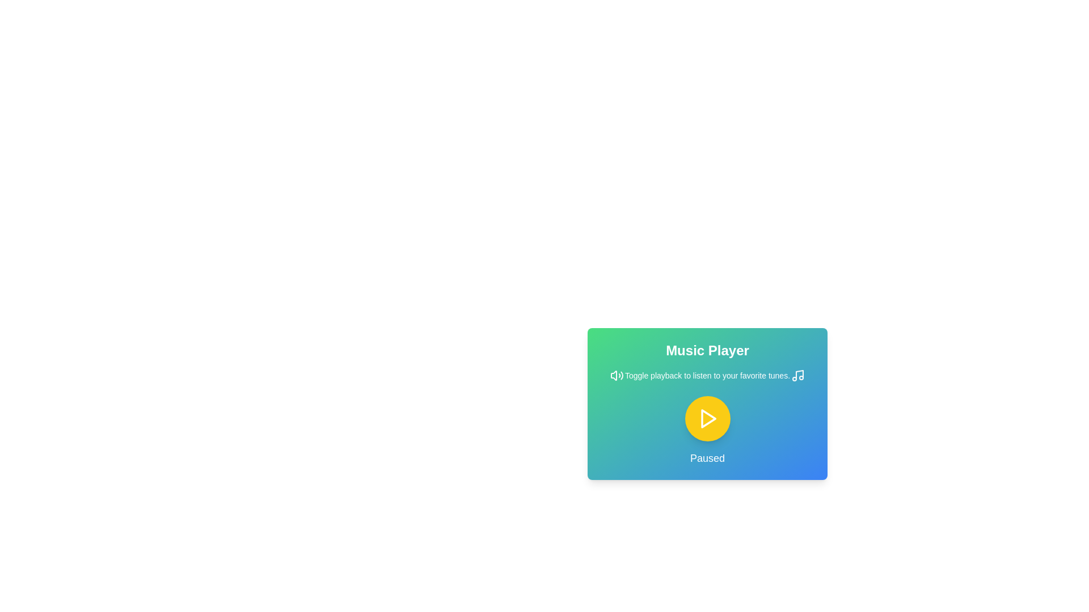 The height and width of the screenshot is (612, 1089). What do you see at coordinates (707, 419) in the screenshot?
I see `the play button icon located within a circular button at the bottom part of the interface` at bounding box center [707, 419].